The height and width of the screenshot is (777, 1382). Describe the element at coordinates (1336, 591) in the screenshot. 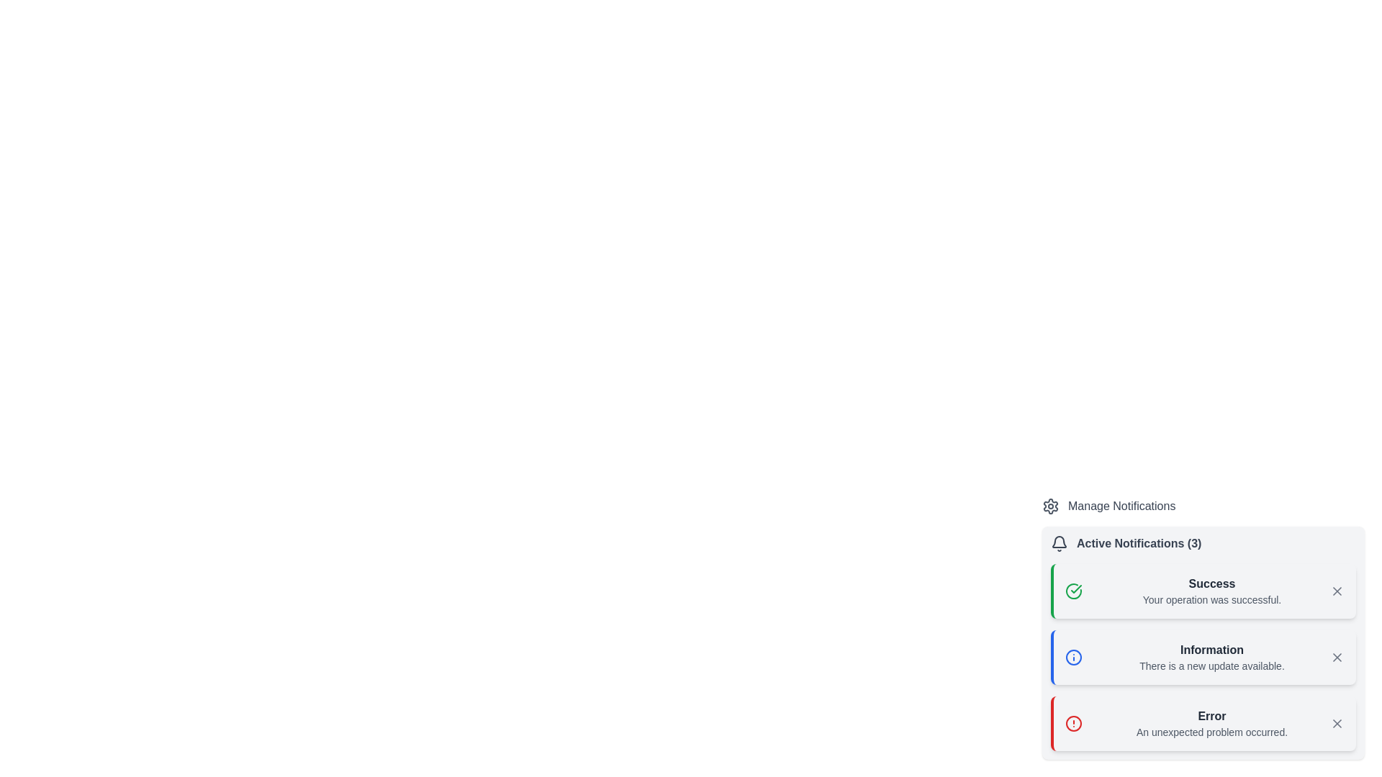

I see `the 'X' icon within the 'Success' notification entry, which is a small graphical element shaped like an 'X'` at that location.